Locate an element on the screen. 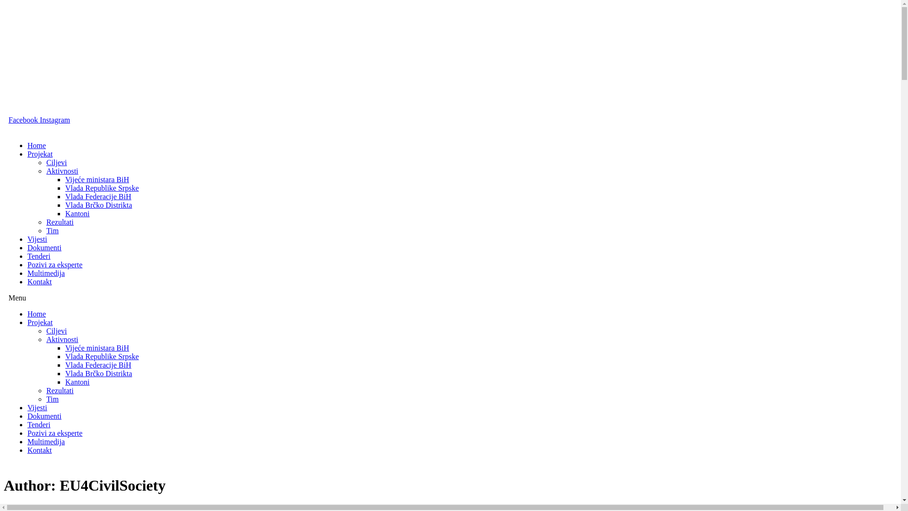 The width and height of the screenshot is (908, 511). 'Pozivi za eksperte' is located at coordinates (54, 264).